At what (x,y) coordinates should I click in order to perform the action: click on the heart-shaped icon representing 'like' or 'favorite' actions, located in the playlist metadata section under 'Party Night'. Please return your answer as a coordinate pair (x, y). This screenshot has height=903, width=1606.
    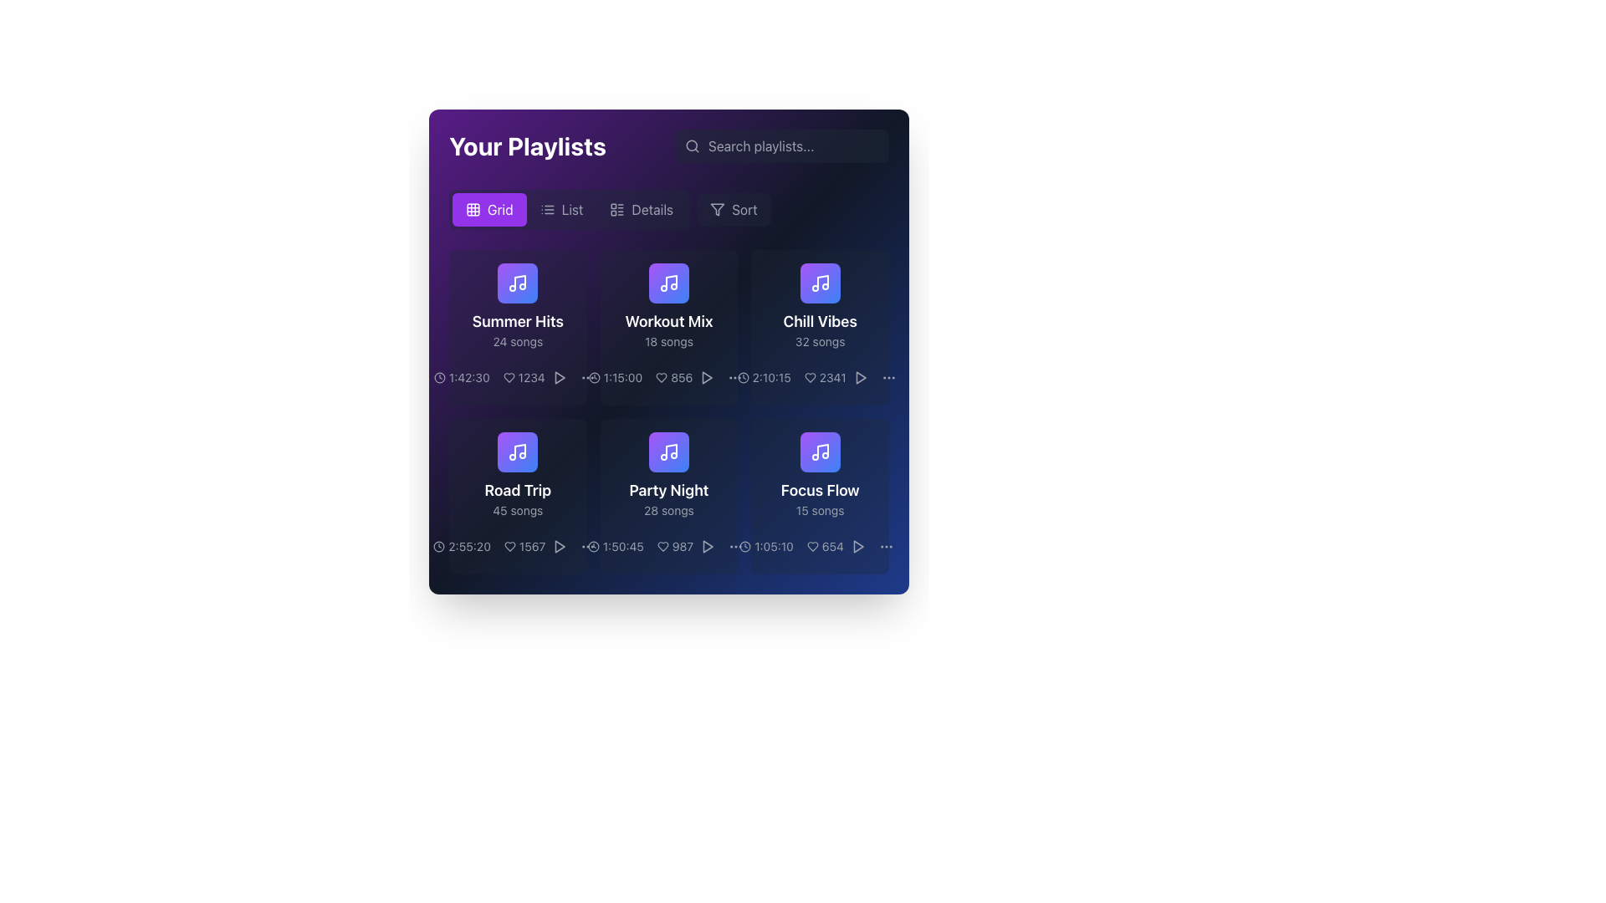
    Looking at the image, I should click on (662, 547).